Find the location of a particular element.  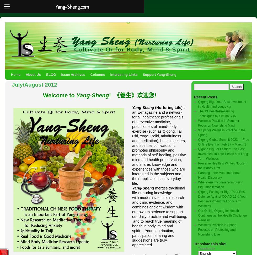

'is an E-magazine and a network for all healthcare professionals of preventive medicine, practitioners of  mind-body exercise (such as Qigong, Tai Chi, Yoga, Reiki, mindfulness and meditation), health seekers, and spiritual cultivators. It promotes philosophy and methods of self-healing, positive mind and health preservation, and shares knowledge and experiences with those who are interested in the subjects and their applications in everyday life.' is located at coordinates (159, 145).